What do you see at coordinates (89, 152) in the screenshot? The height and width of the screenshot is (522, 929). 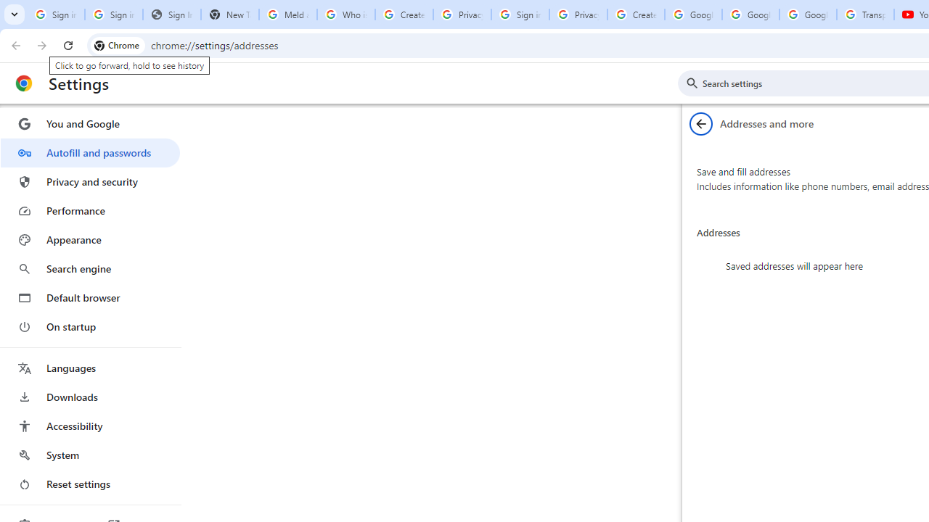 I see `'Autofill and passwords'` at bounding box center [89, 152].